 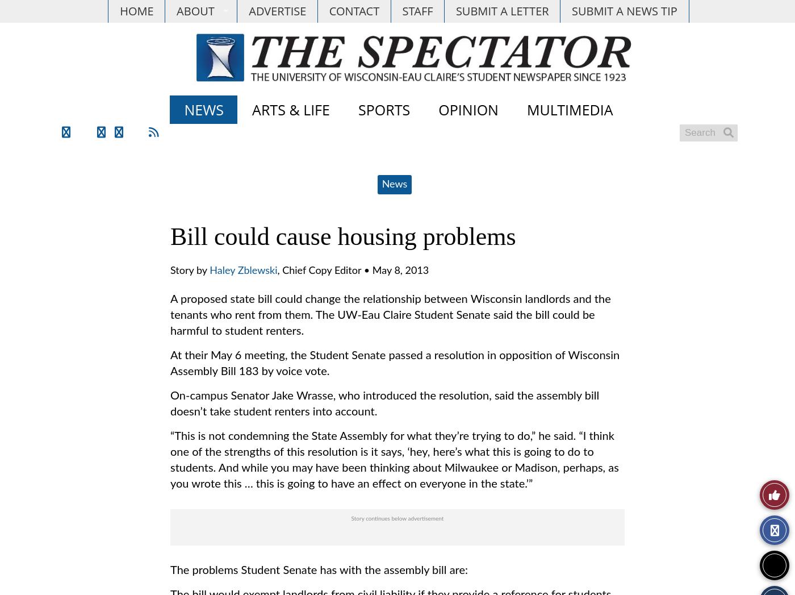 I want to click on '“This is not condemning the State Assembly for what they’re trying to do,” he said. “I think one of the strengths of this resolution is it says, ‘hey, here’s what this is going to do to students. And while you may have been thinking about Milwaukee or Madison, perhaps, as you wrote this … this is going to have an effect on everyone in the state.’”', so click(x=394, y=459).